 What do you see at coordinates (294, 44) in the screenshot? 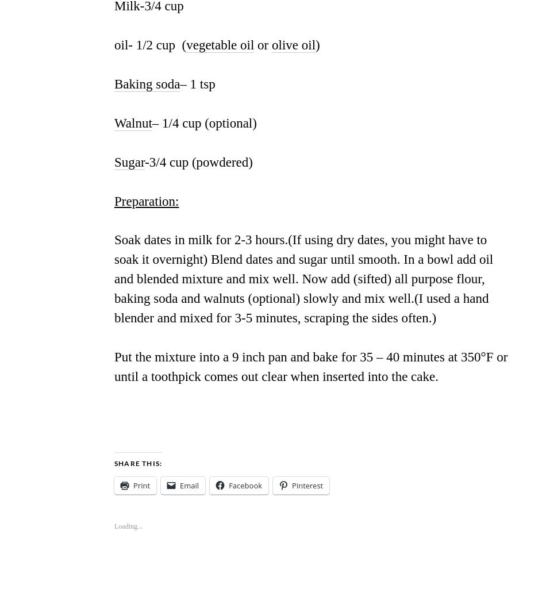
I see `'olive oil'` at bounding box center [294, 44].